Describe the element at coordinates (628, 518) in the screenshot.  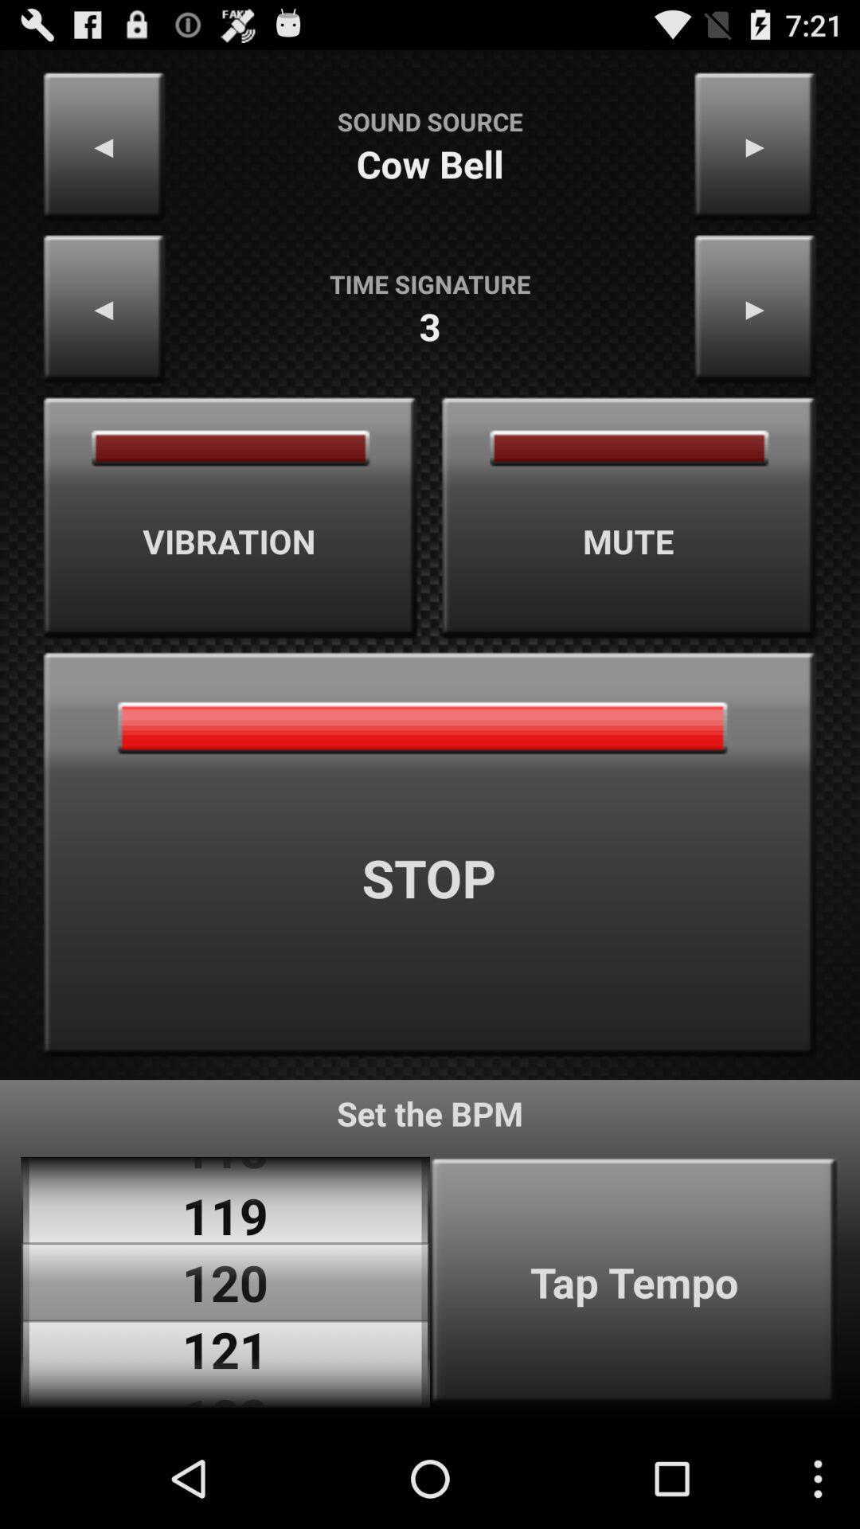
I see `icon above stop` at that location.